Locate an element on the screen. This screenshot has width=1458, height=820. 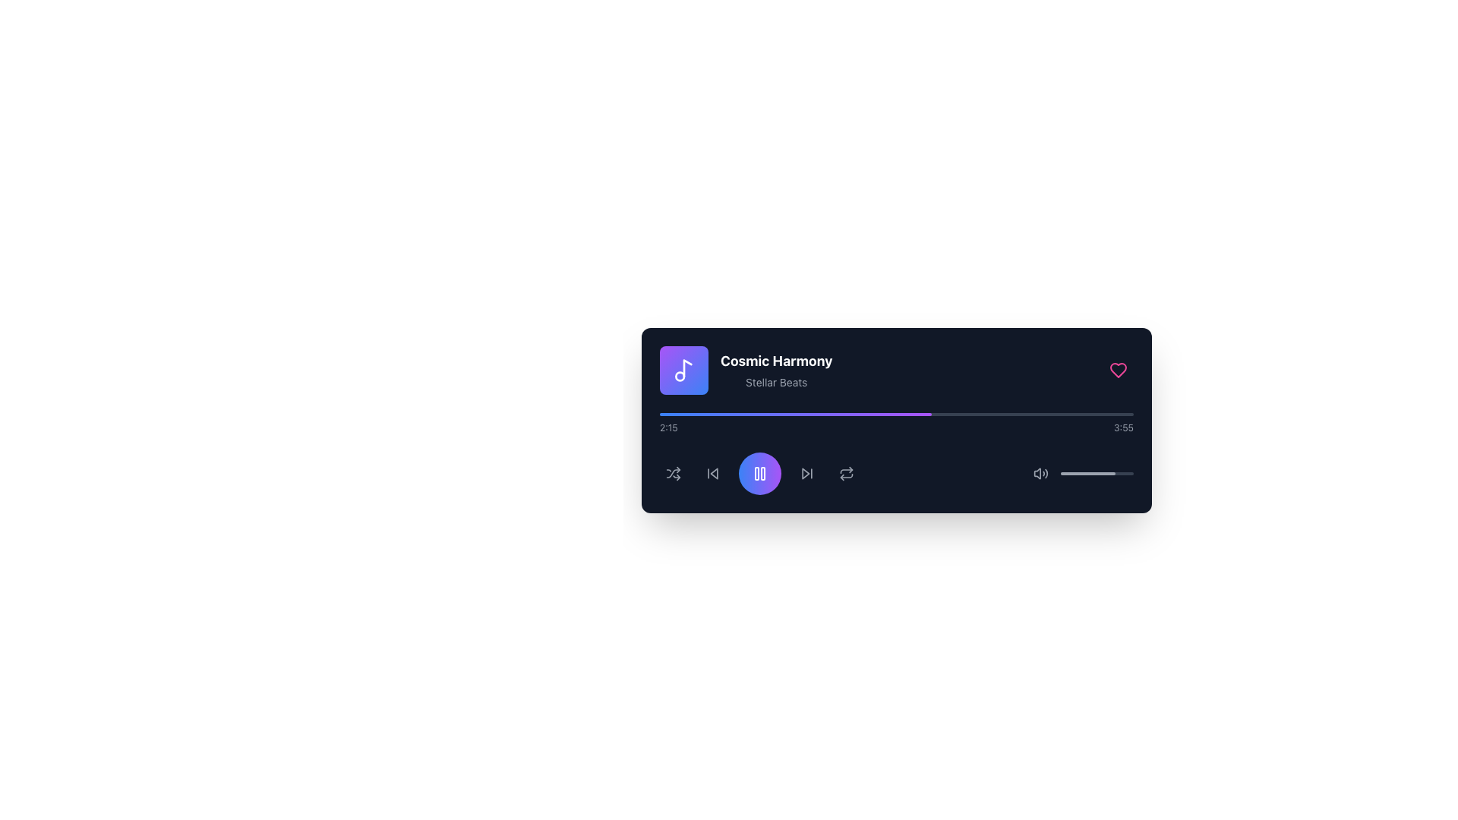
the Volume indicator icon is located at coordinates (1040, 473).